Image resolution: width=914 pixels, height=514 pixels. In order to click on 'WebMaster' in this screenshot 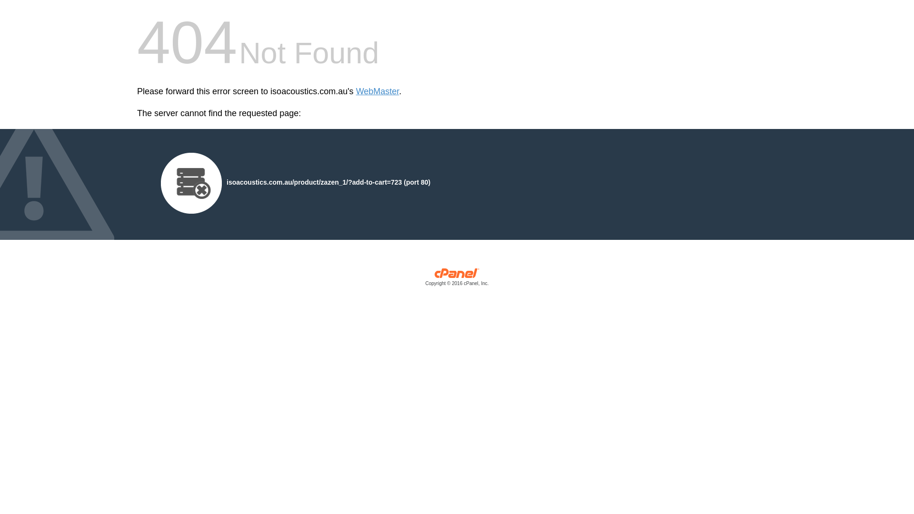, I will do `click(356, 91)`.